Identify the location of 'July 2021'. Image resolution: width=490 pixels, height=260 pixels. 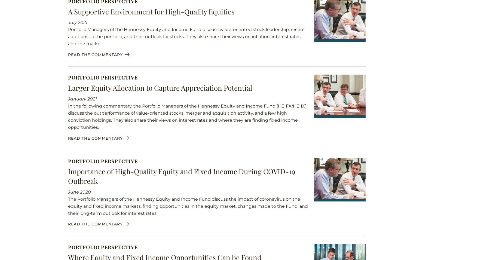
(77, 22).